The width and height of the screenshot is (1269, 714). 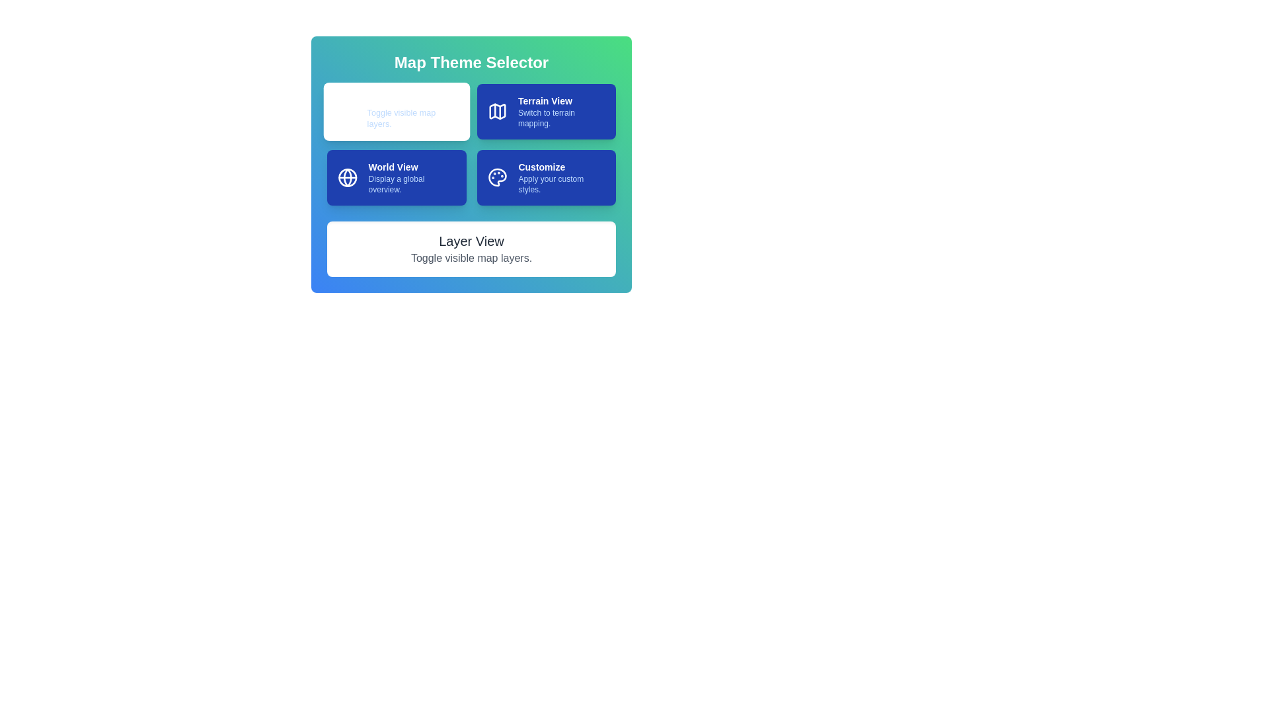 I want to click on text label that displays 'Terrain View' which is styled in bold white font on a dark blue background, so click(x=561, y=100).